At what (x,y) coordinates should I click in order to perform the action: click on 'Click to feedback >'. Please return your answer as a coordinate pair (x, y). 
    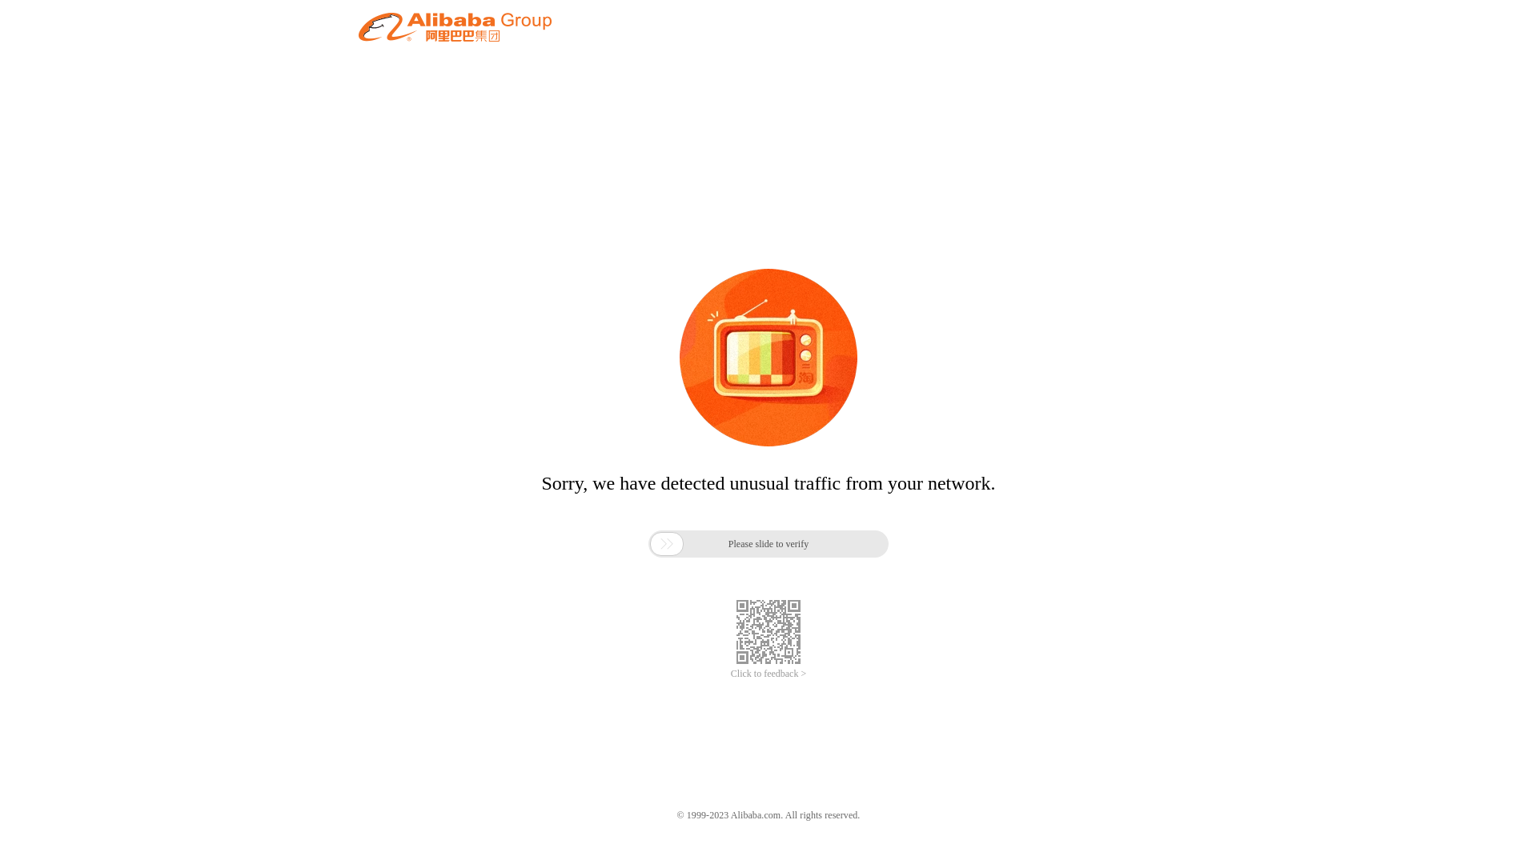
    Looking at the image, I should click on (768, 674).